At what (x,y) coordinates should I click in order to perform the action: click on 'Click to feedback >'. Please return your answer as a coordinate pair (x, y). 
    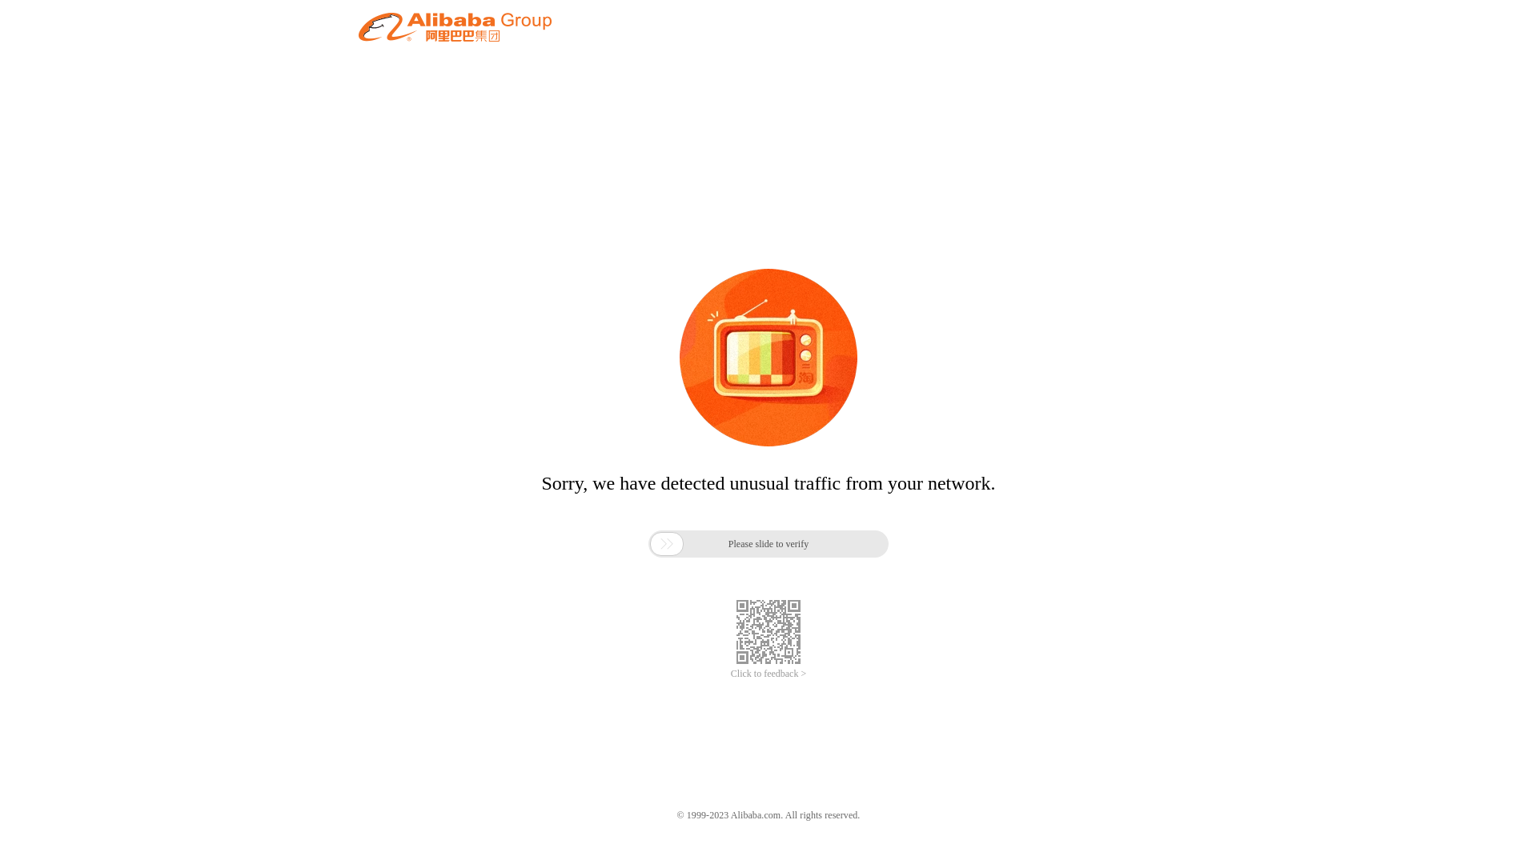
    Looking at the image, I should click on (768, 674).